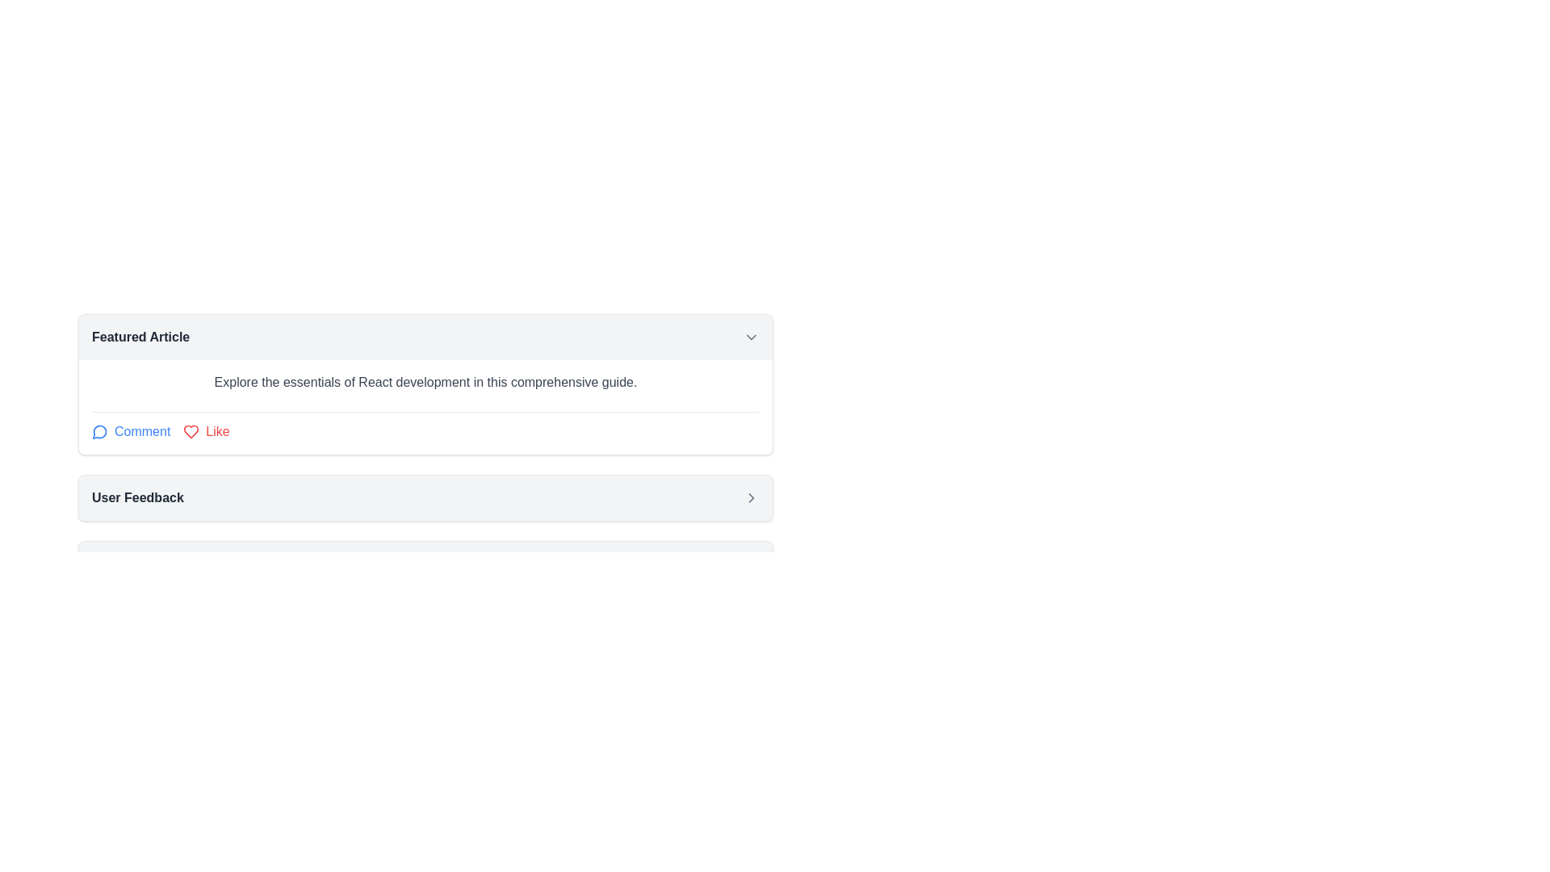  What do you see at coordinates (751, 336) in the screenshot?
I see `the chevron icon located at the far right of the 'Featured Article' horizontal bar` at bounding box center [751, 336].